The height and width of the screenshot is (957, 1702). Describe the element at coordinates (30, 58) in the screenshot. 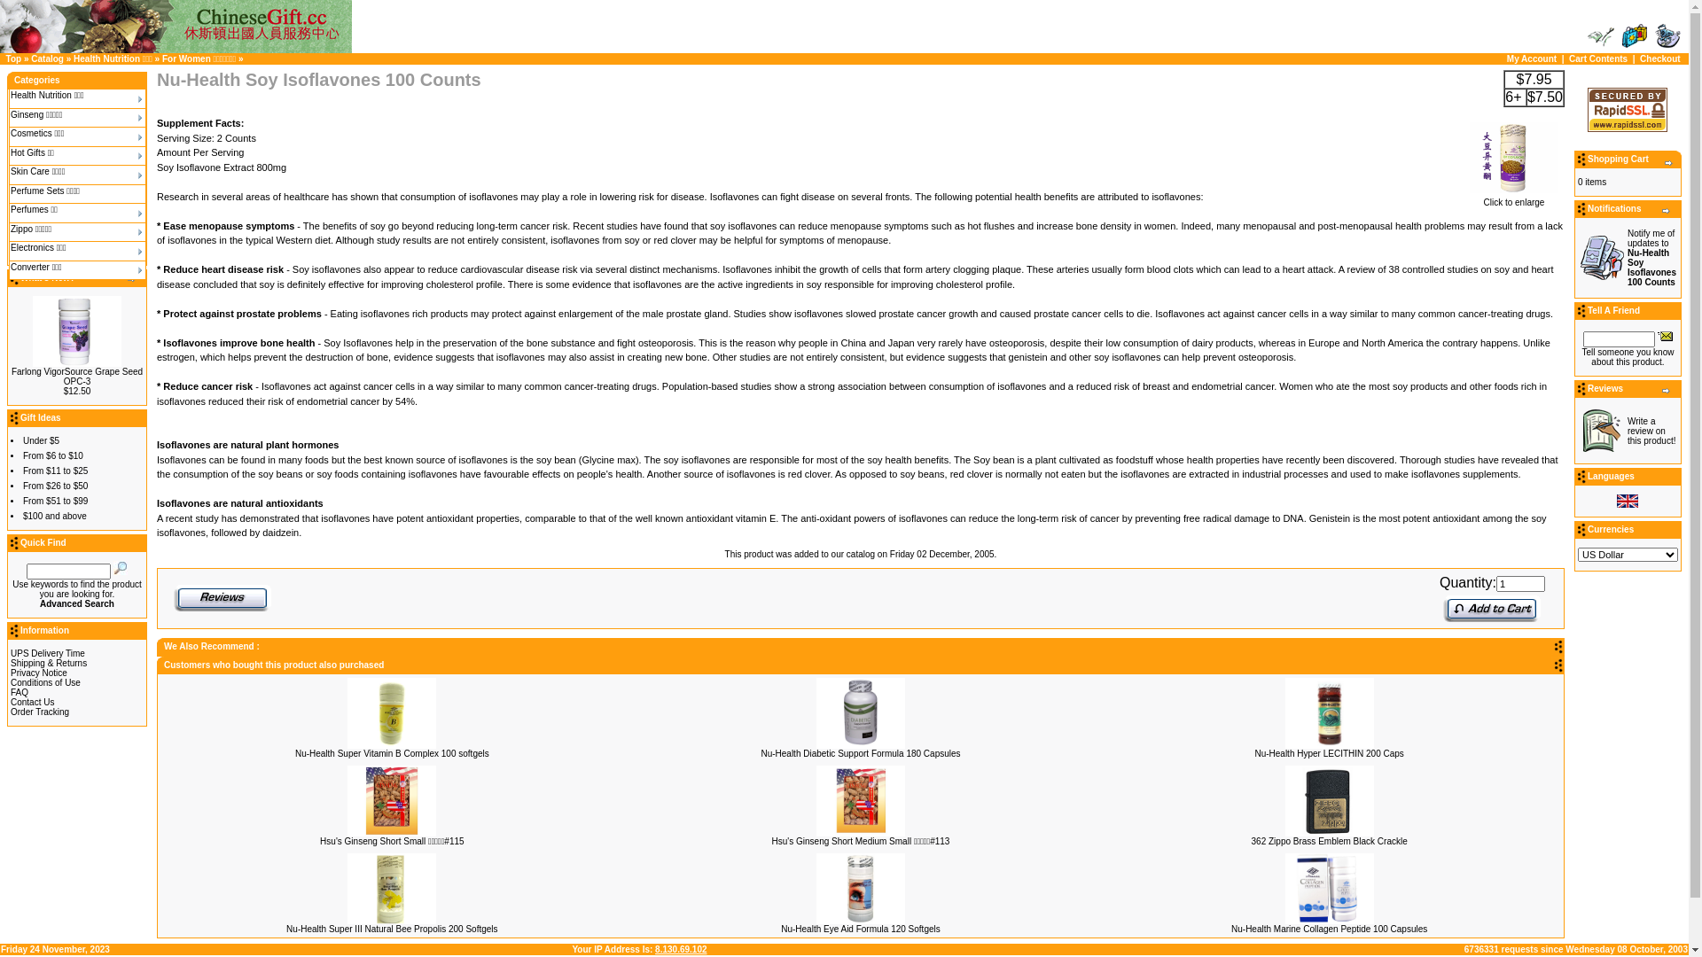

I see `'Catalog'` at that location.